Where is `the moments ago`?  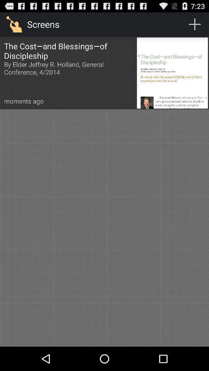
the moments ago is located at coordinates (24, 100).